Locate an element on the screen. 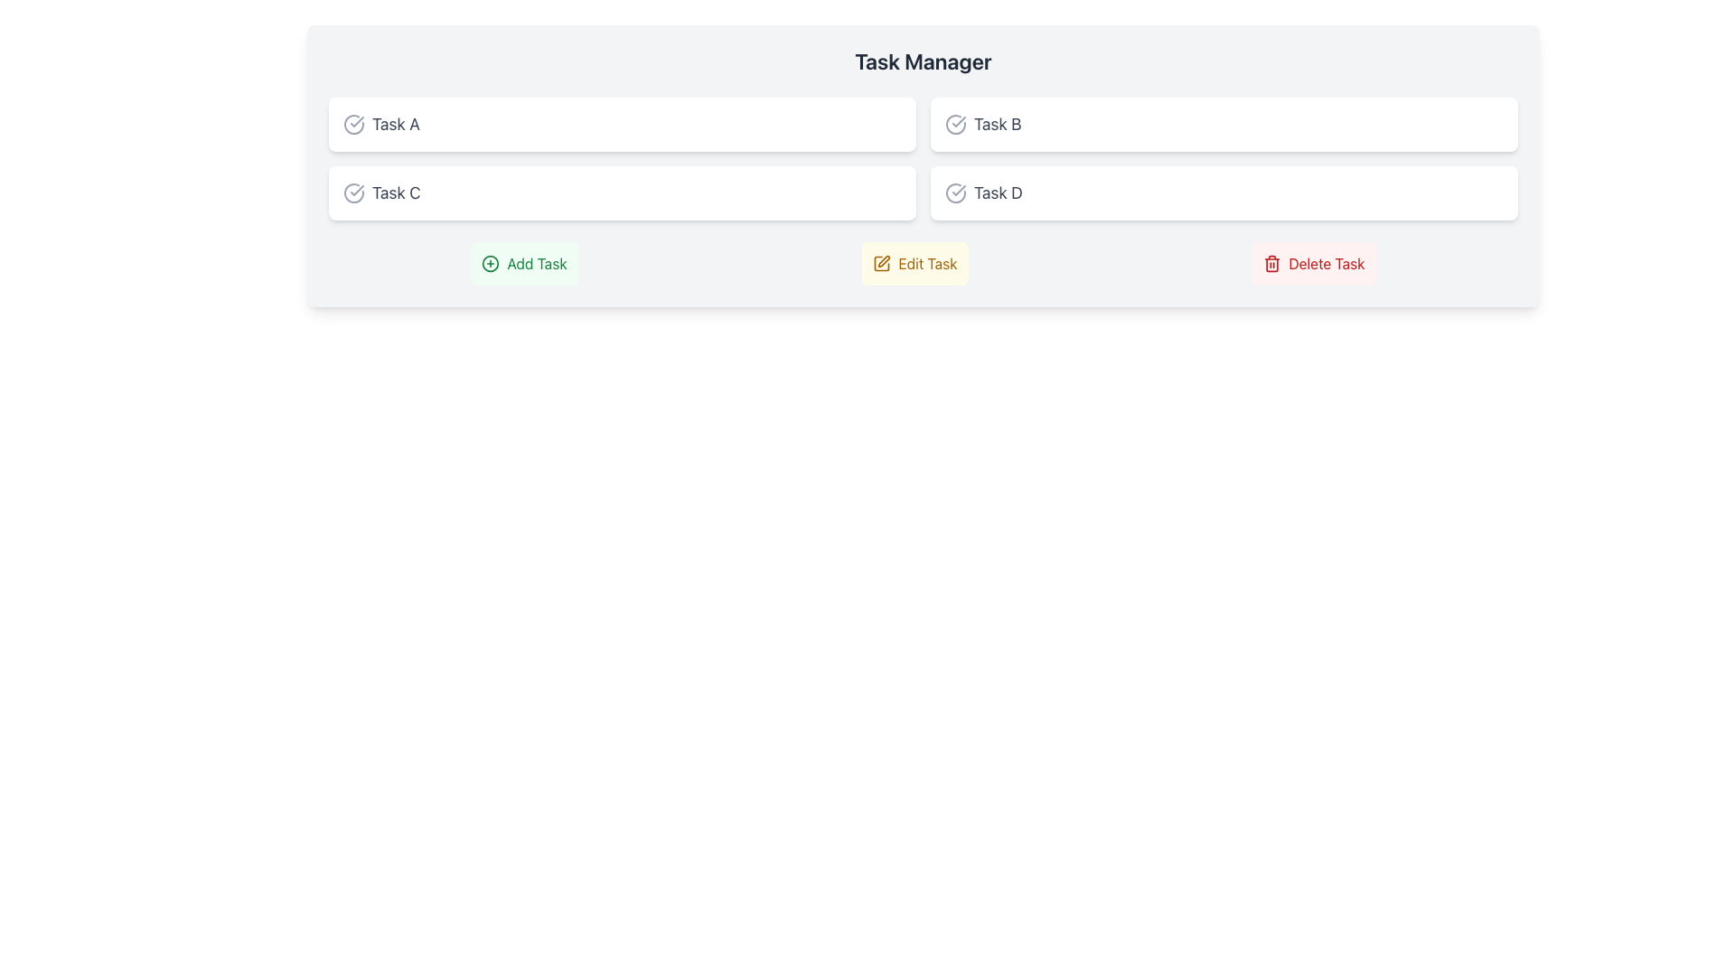 This screenshot has width=1735, height=976. on the text label representing the title of the first task card in the task list, which is aligned is located at coordinates (395, 124).